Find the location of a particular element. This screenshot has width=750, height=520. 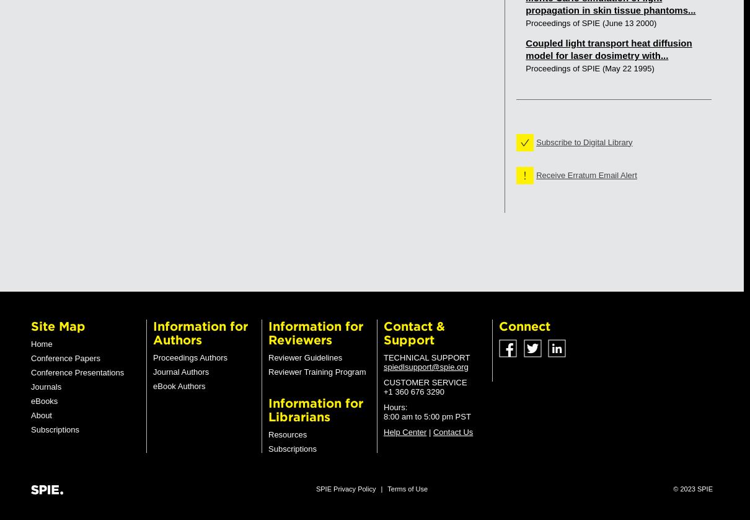

'TECHNICAL SUPPORT' is located at coordinates (426, 357).